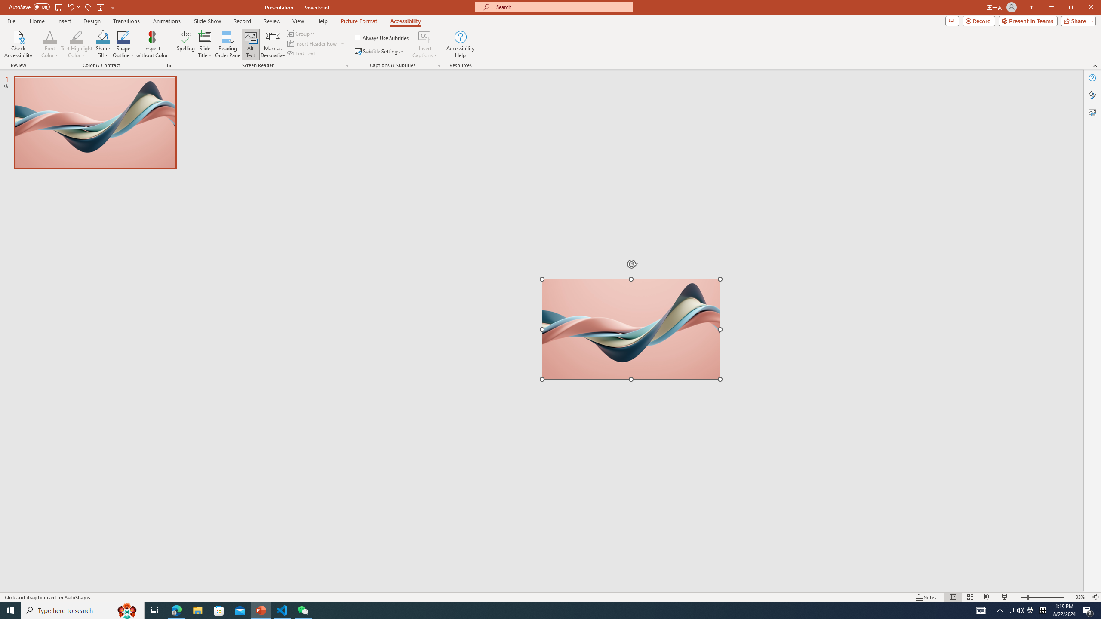 Image resolution: width=1101 pixels, height=619 pixels. Describe the element at coordinates (382, 37) in the screenshot. I see `'Always Use Subtitles'` at that location.